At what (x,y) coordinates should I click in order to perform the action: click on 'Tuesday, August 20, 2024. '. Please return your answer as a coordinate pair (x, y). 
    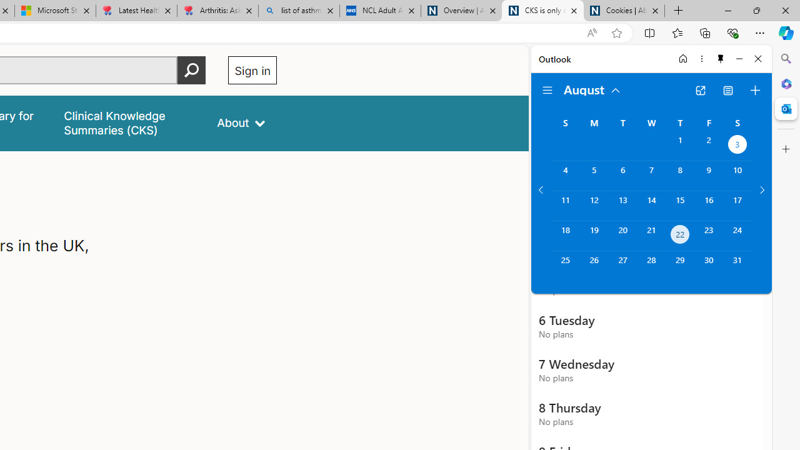
    Looking at the image, I should click on (622, 236).